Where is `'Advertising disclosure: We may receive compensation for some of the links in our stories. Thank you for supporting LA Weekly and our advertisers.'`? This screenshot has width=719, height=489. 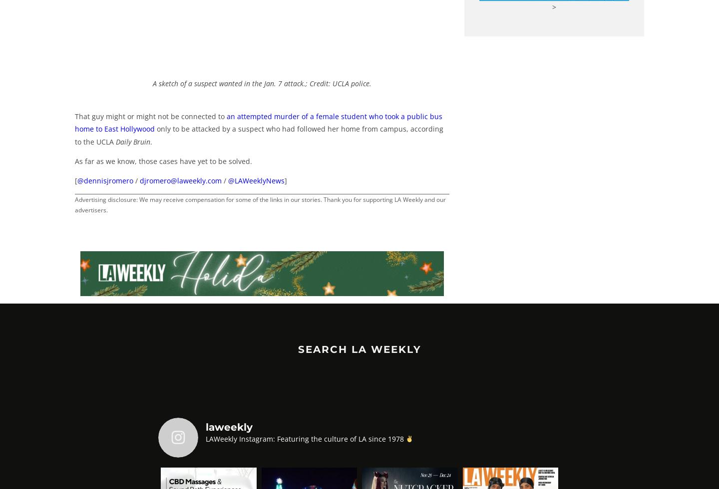 'Advertising disclosure: We may receive compensation for some of the links in our stories. Thank you for supporting LA Weekly and our advertisers.' is located at coordinates (260, 204).